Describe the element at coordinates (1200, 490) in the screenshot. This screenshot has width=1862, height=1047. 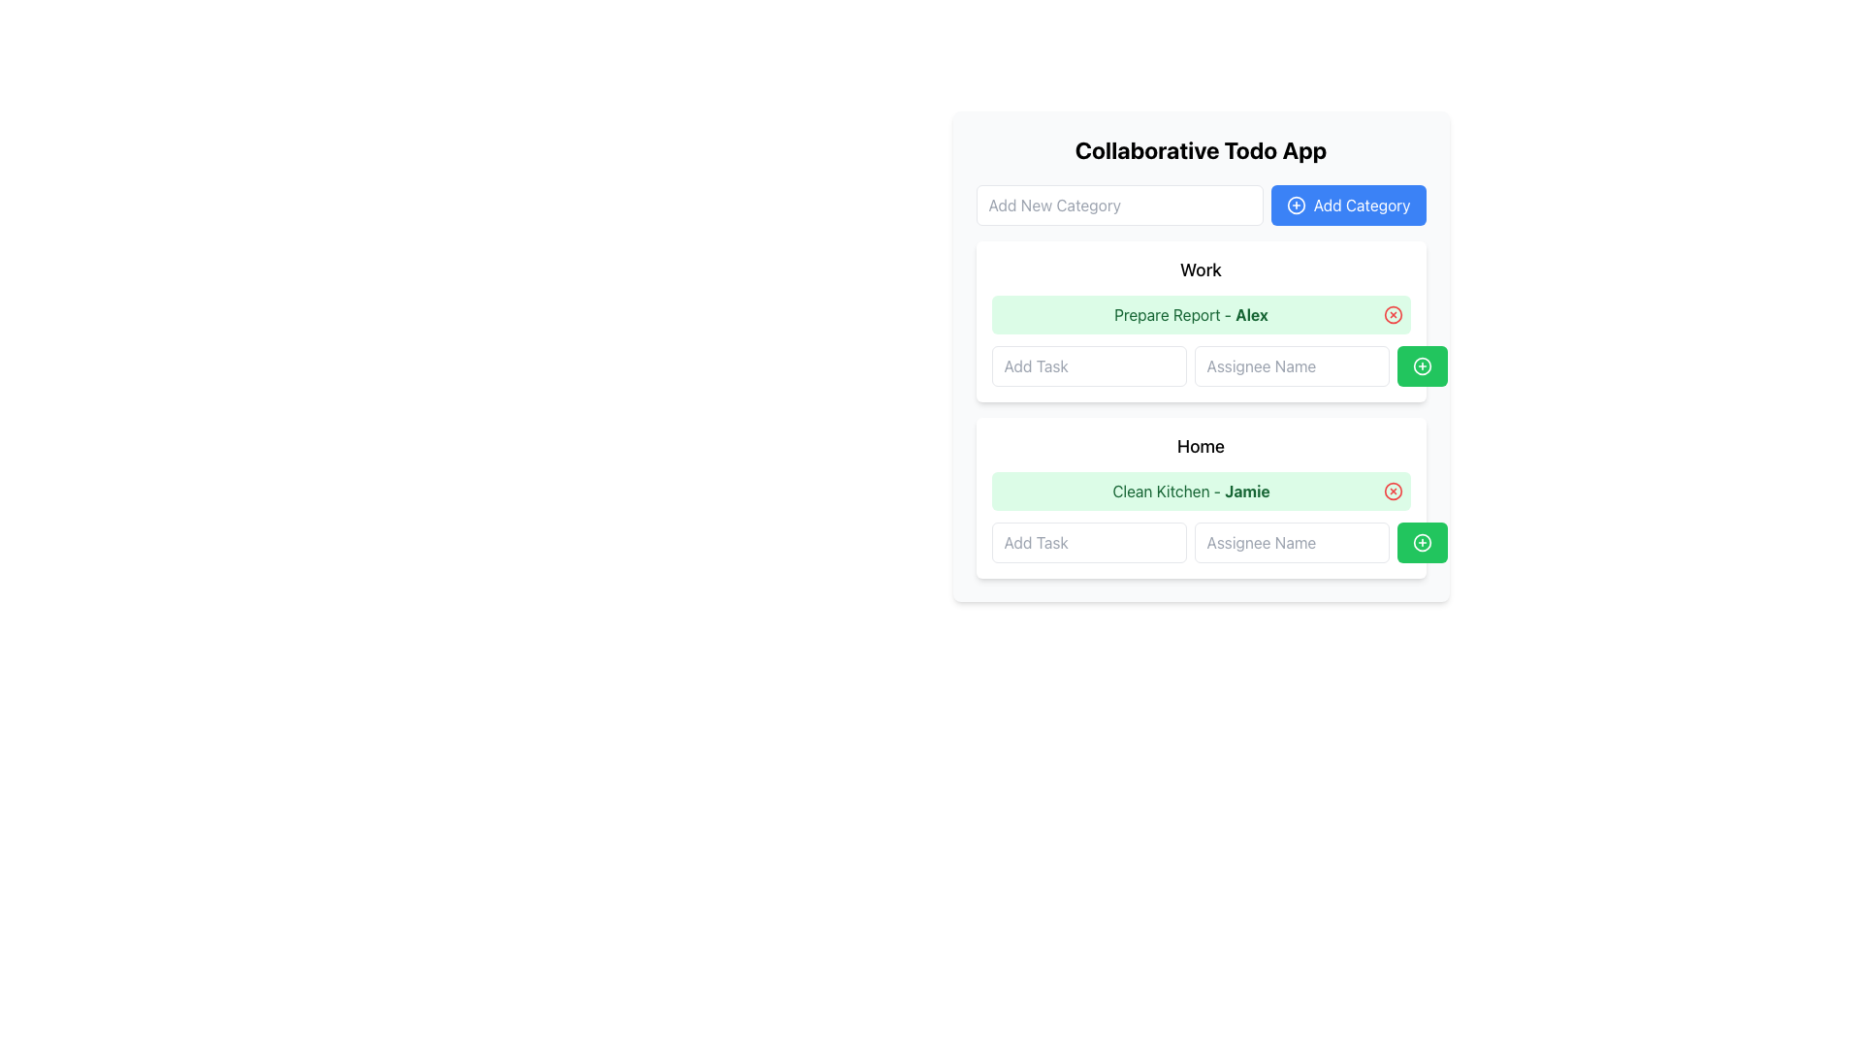
I see `the 'Clean Kitchen - Jamie' task item in the todo list` at that location.